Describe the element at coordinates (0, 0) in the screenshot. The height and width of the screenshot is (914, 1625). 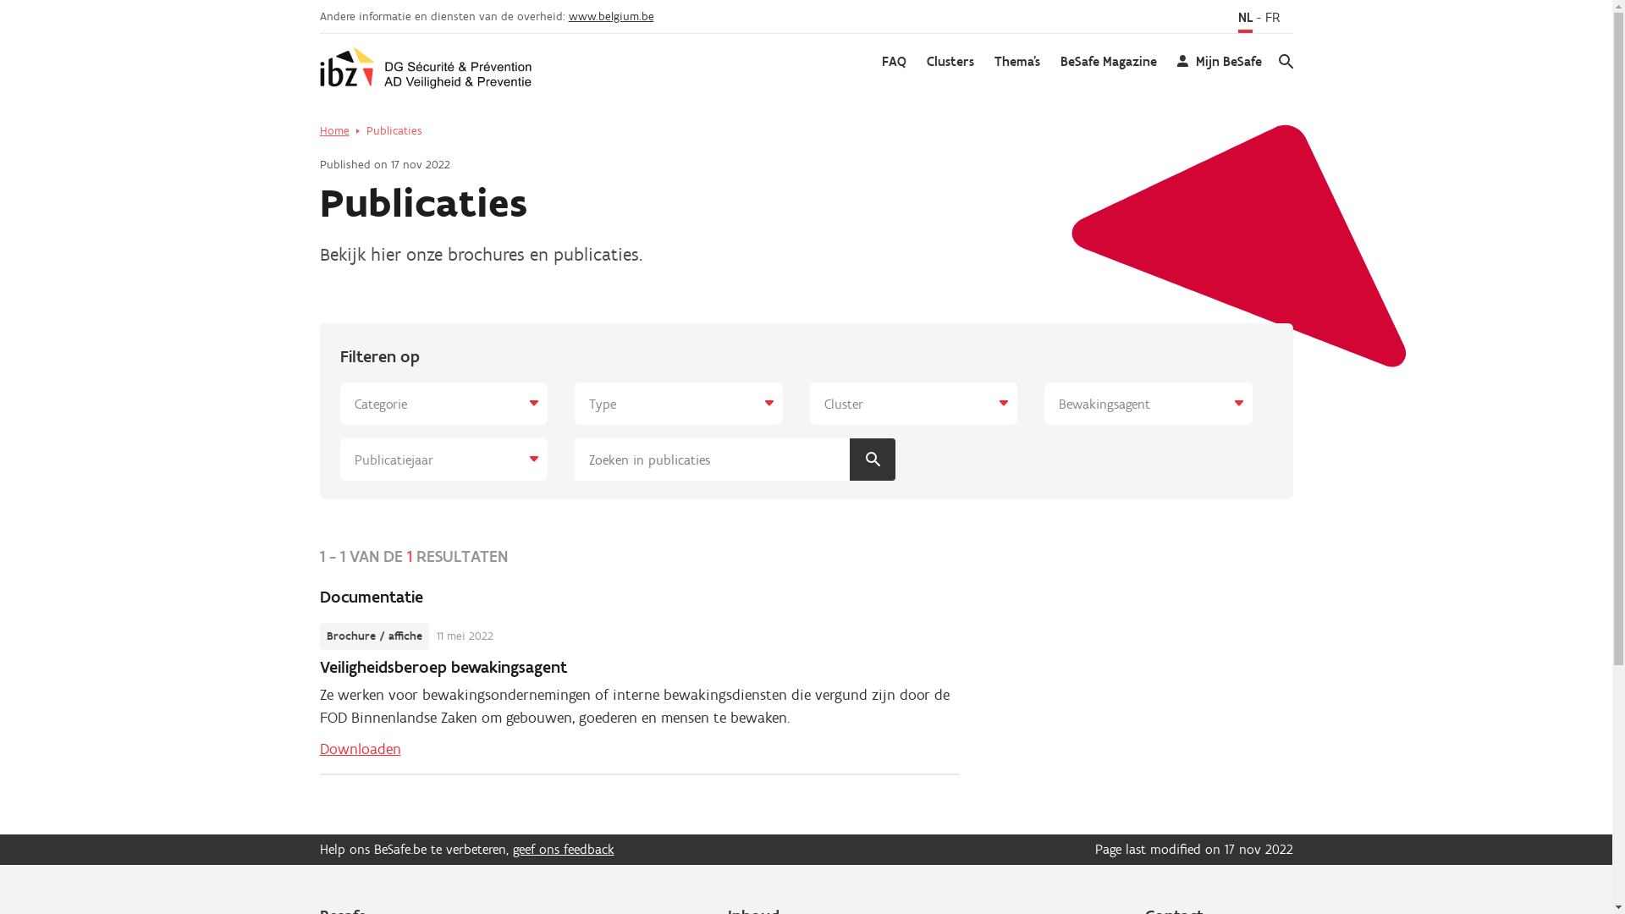
I see `'Overslaan en naar de inhoud gaan'` at that location.